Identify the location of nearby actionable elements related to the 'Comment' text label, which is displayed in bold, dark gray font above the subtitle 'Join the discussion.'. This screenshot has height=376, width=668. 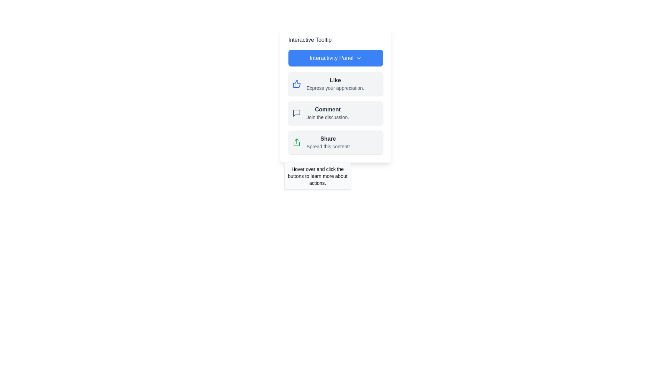
(327, 110).